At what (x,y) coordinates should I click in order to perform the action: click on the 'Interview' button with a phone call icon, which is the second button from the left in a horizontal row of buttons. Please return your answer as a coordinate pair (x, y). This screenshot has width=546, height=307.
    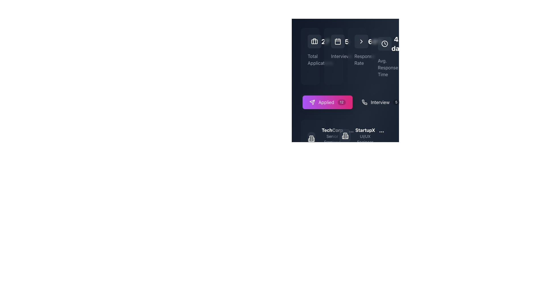
    Looking at the image, I should click on (380, 102).